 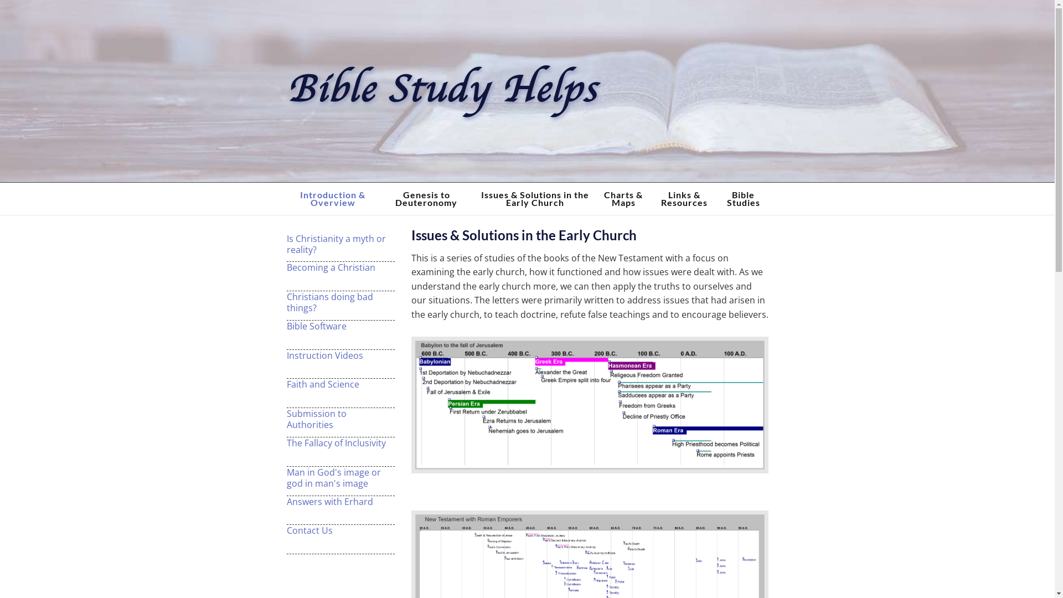 What do you see at coordinates (340, 502) in the screenshot?
I see `'Answers with Erhard'` at bounding box center [340, 502].